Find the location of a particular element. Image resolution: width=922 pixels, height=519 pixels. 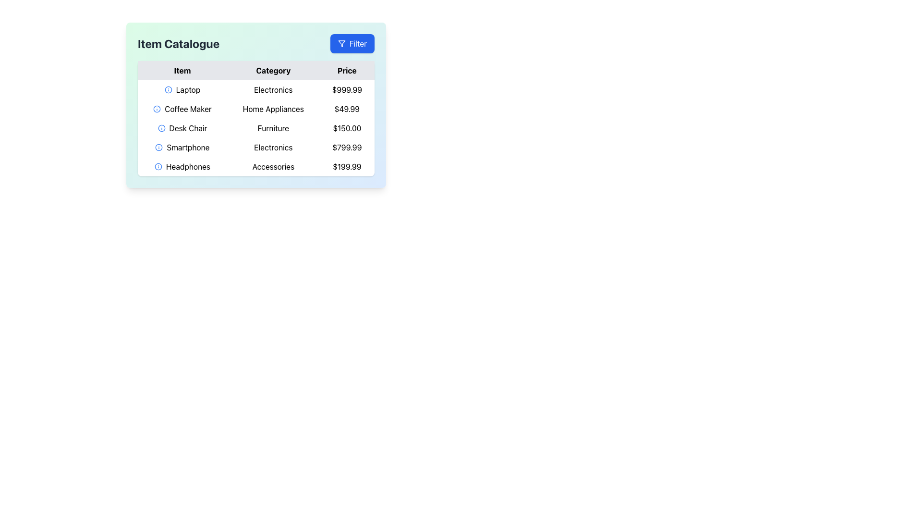

the text label displaying 'Smartphone', which is located in the third row of the 'Item' column in the 'Item Catalogue' table, aligned horizontally with 'Electronics' and '$799.99' is located at coordinates (182, 148).